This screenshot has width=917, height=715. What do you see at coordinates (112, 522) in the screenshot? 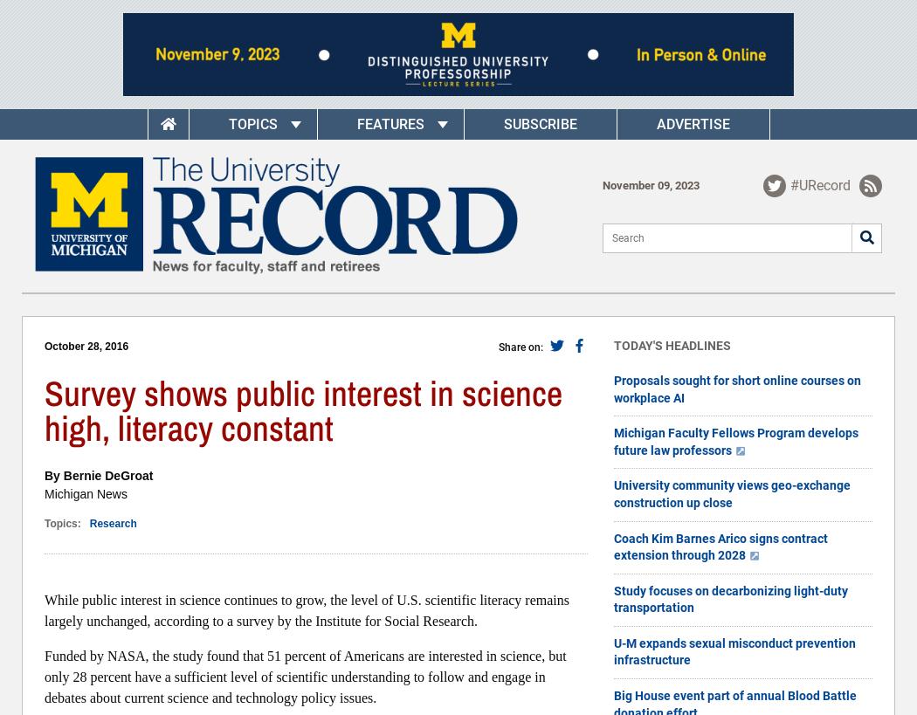
I see `'Research'` at bounding box center [112, 522].